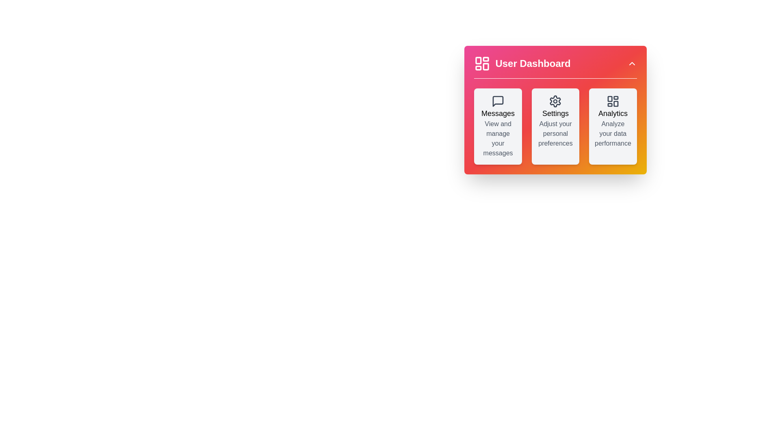 The height and width of the screenshot is (438, 780). Describe the element at coordinates (613, 127) in the screenshot. I see `the informational card labeled 'Analytics' that contains a dashboard layout icon, located in the rightmost column beneath the 'User Dashboard' header` at that location.